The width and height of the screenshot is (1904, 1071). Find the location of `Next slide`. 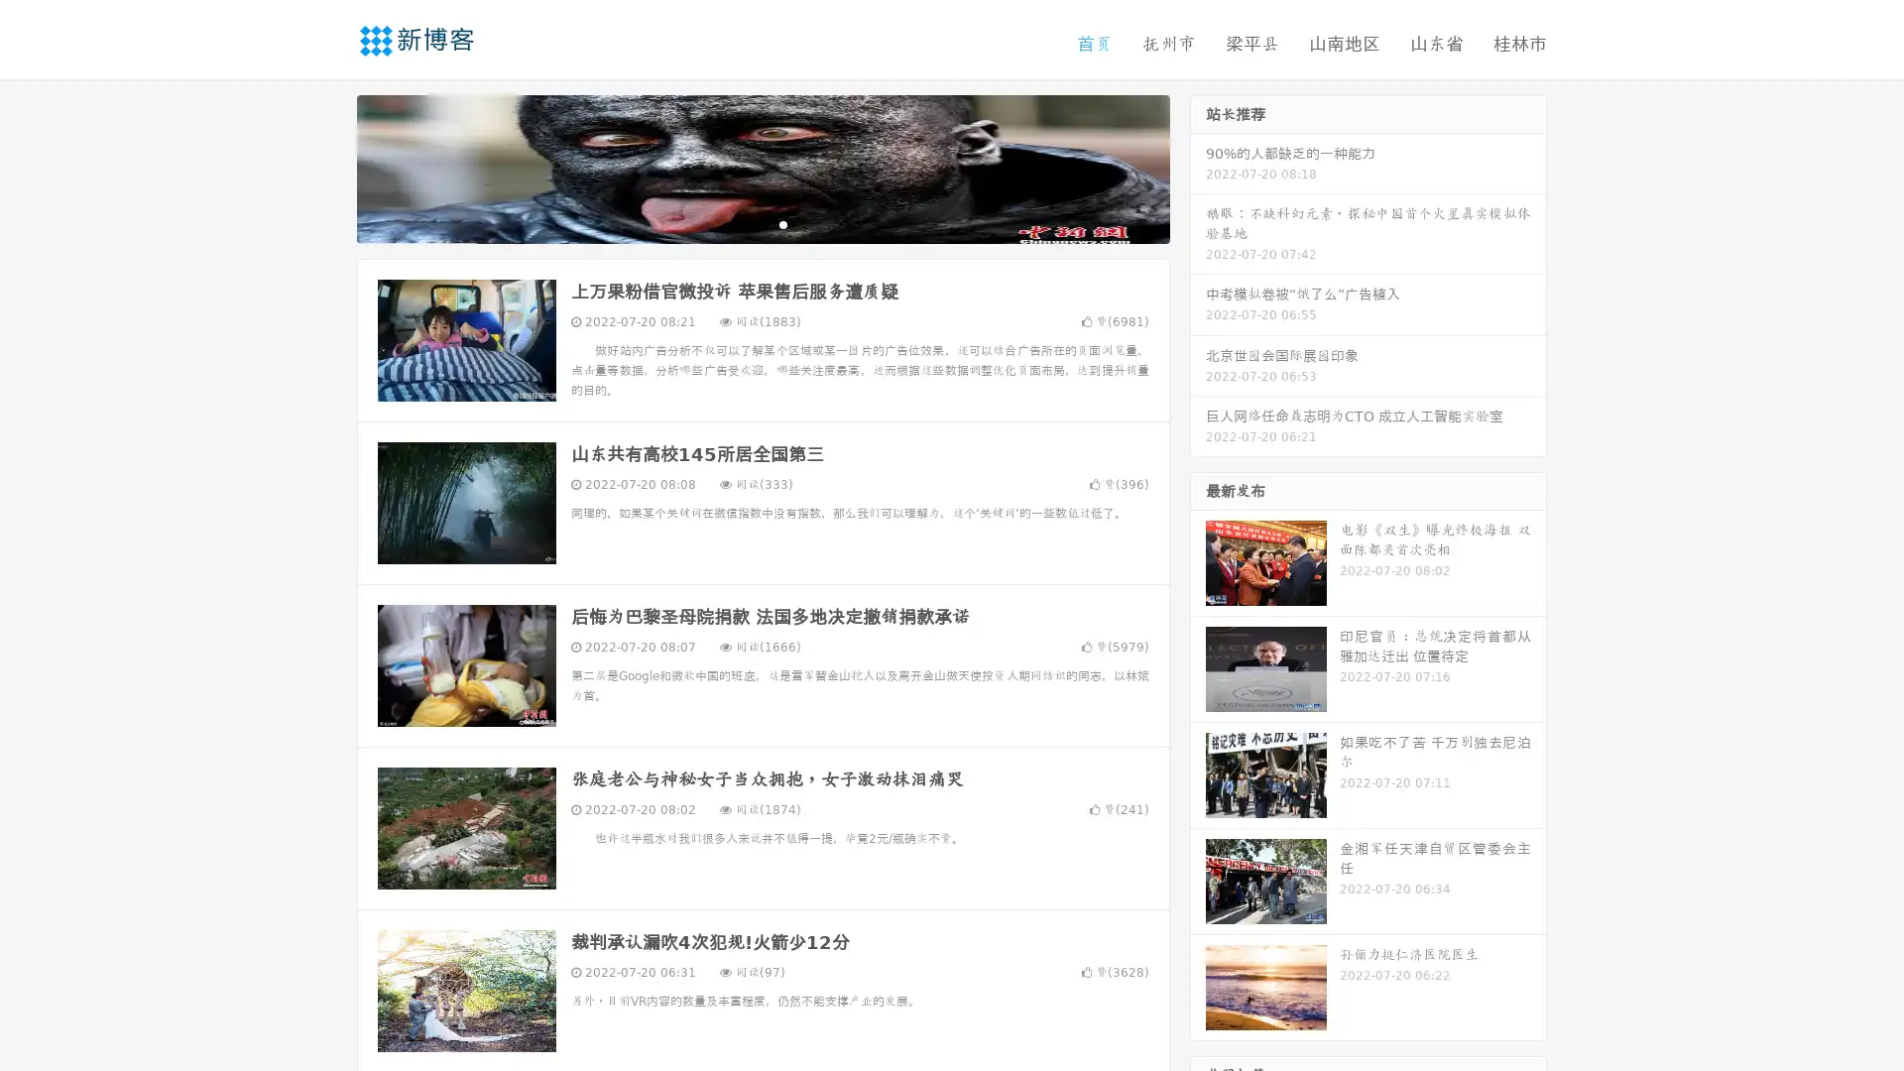

Next slide is located at coordinates (1198, 167).